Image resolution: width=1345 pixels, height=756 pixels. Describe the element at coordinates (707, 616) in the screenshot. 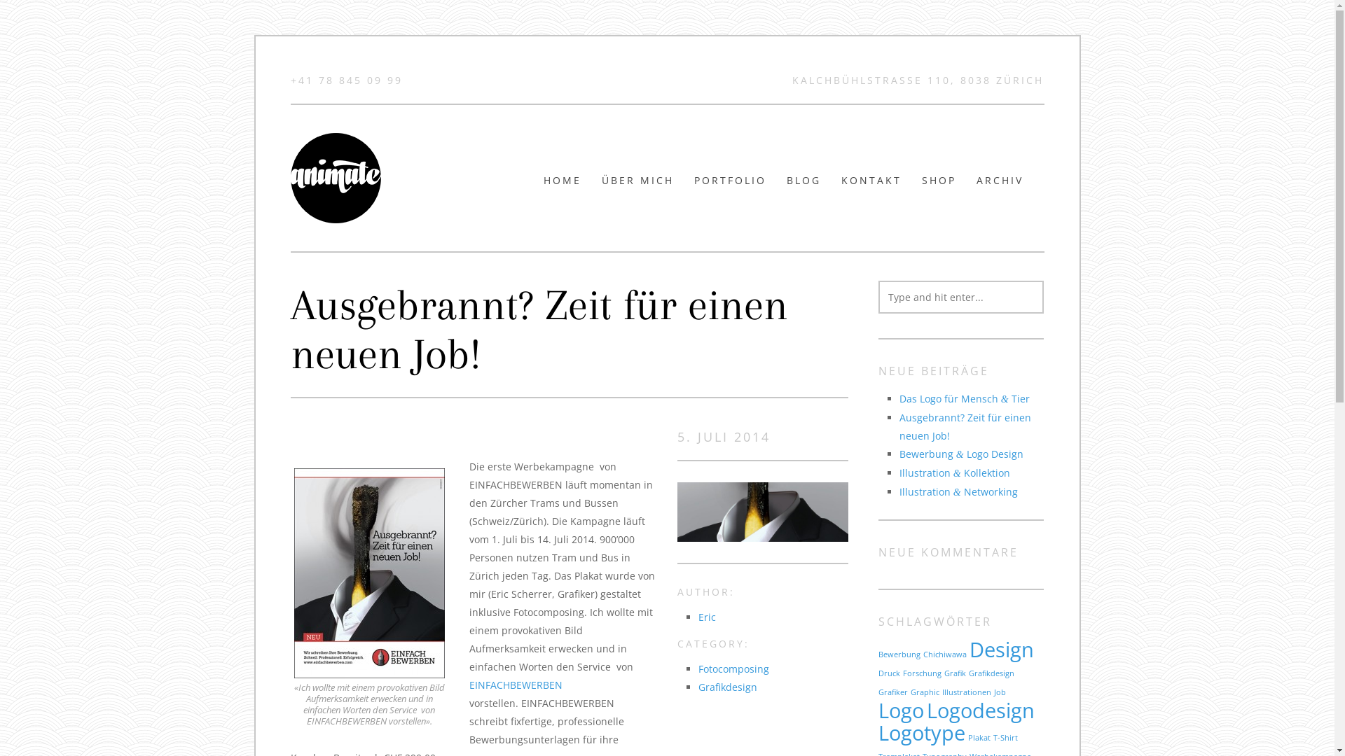

I see `'Eric'` at that location.